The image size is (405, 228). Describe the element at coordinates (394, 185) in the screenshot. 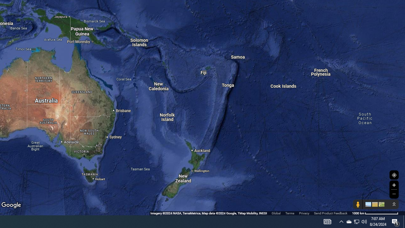

I see `'Zoom in'` at that location.